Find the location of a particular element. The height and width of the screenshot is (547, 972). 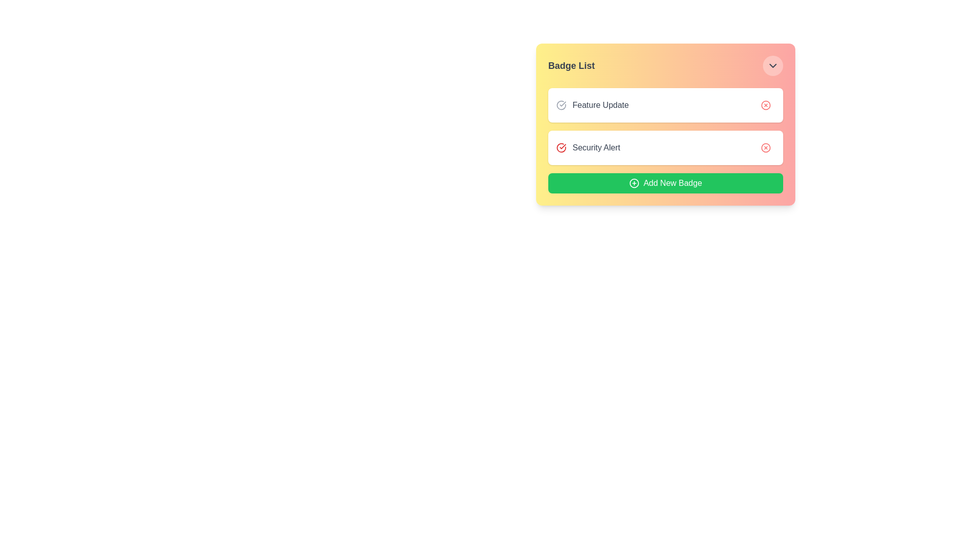

the circular '+' icon located to the left of the 'Add New Badge' text within a green rectangular button at the bottom of the 'Badge List' card component is located at coordinates (634, 183).